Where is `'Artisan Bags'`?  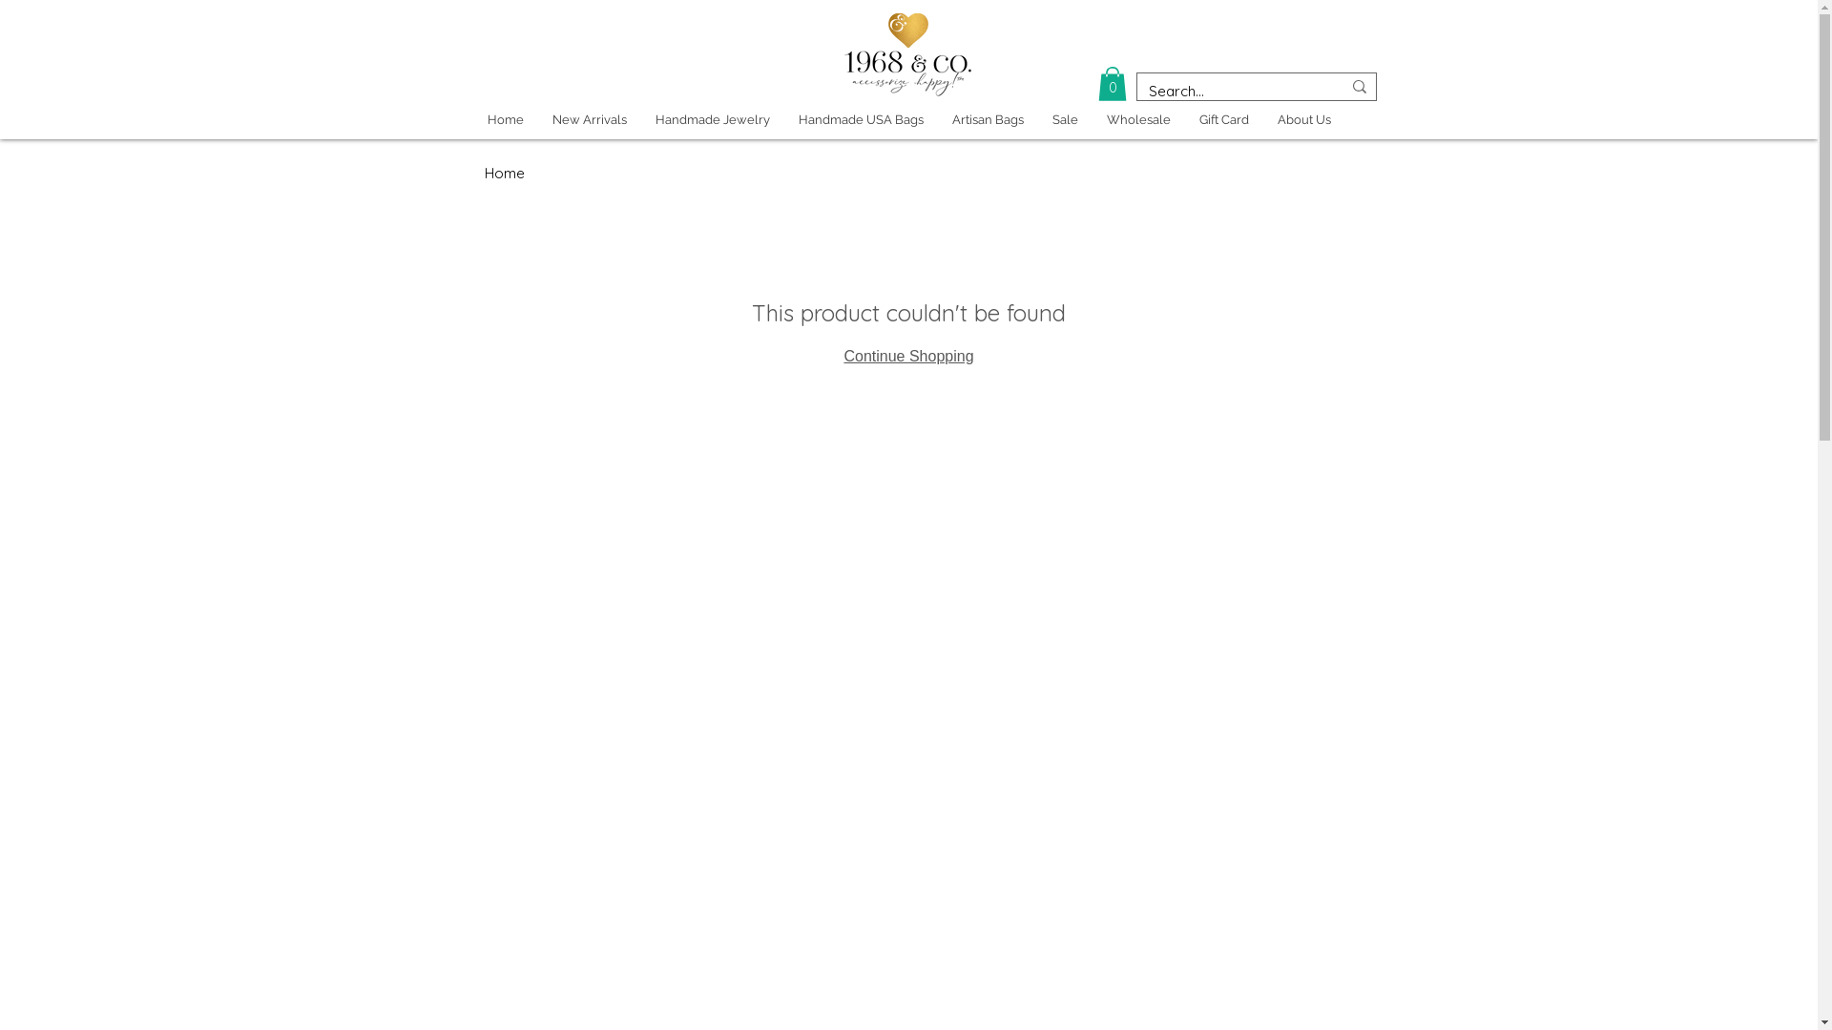
'Artisan Bags' is located at coordinates (987, 120).